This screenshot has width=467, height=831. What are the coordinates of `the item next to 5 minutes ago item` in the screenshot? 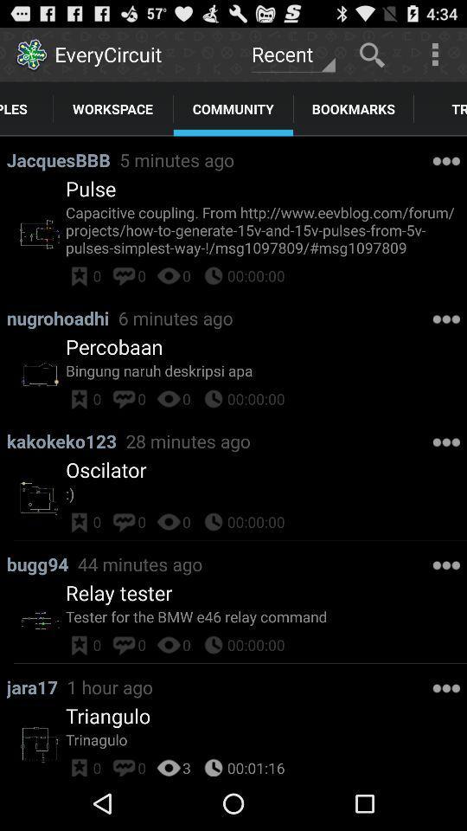 It's located at (62, 159).